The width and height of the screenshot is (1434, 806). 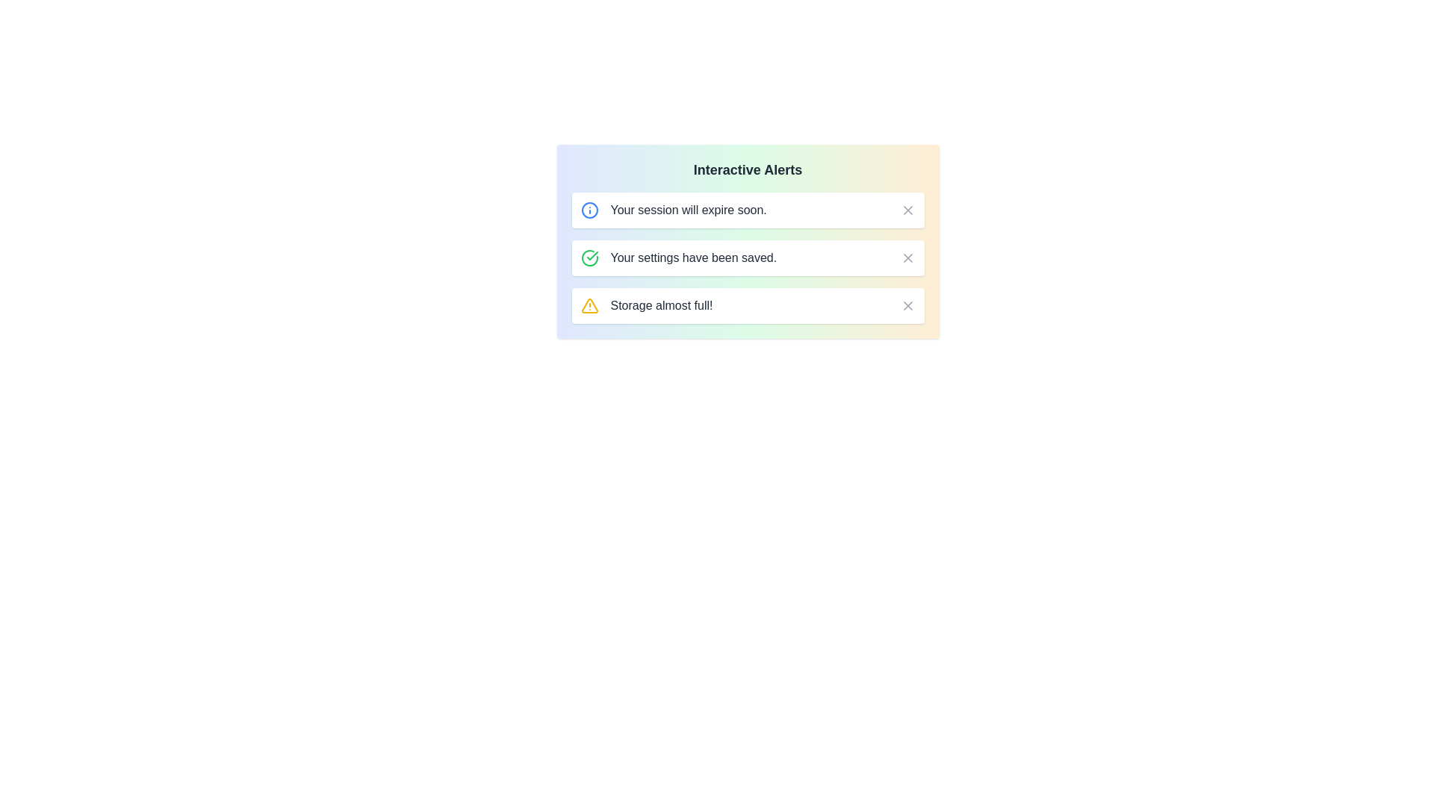 What do you see at coordinates (589, 304) in the screenshot?
I see `the leftmost warning icon in the third row of the visible alert list within the 'Interactive Alerts' box` at bounding box center [589, 304].